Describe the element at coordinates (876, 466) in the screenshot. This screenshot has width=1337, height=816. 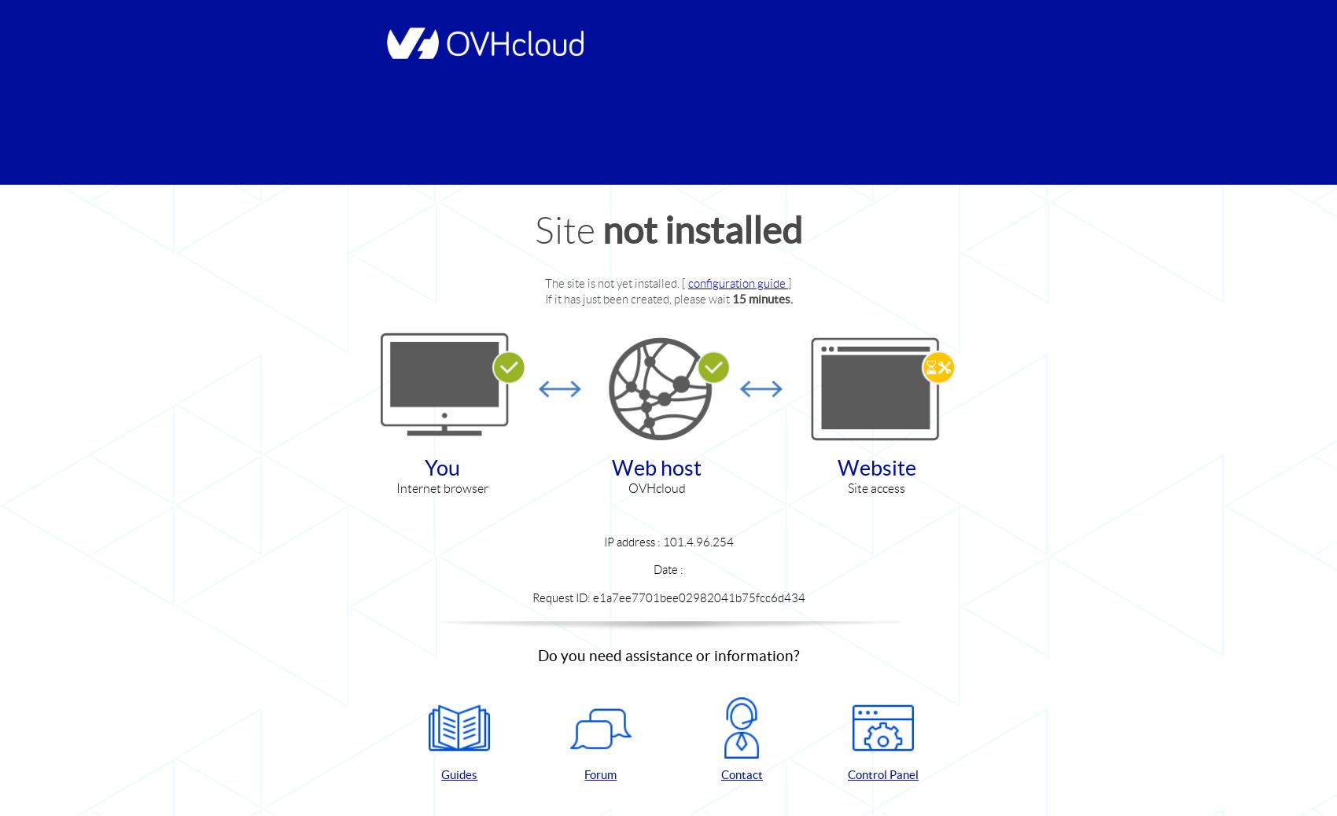
I see `'Website'` at that location.